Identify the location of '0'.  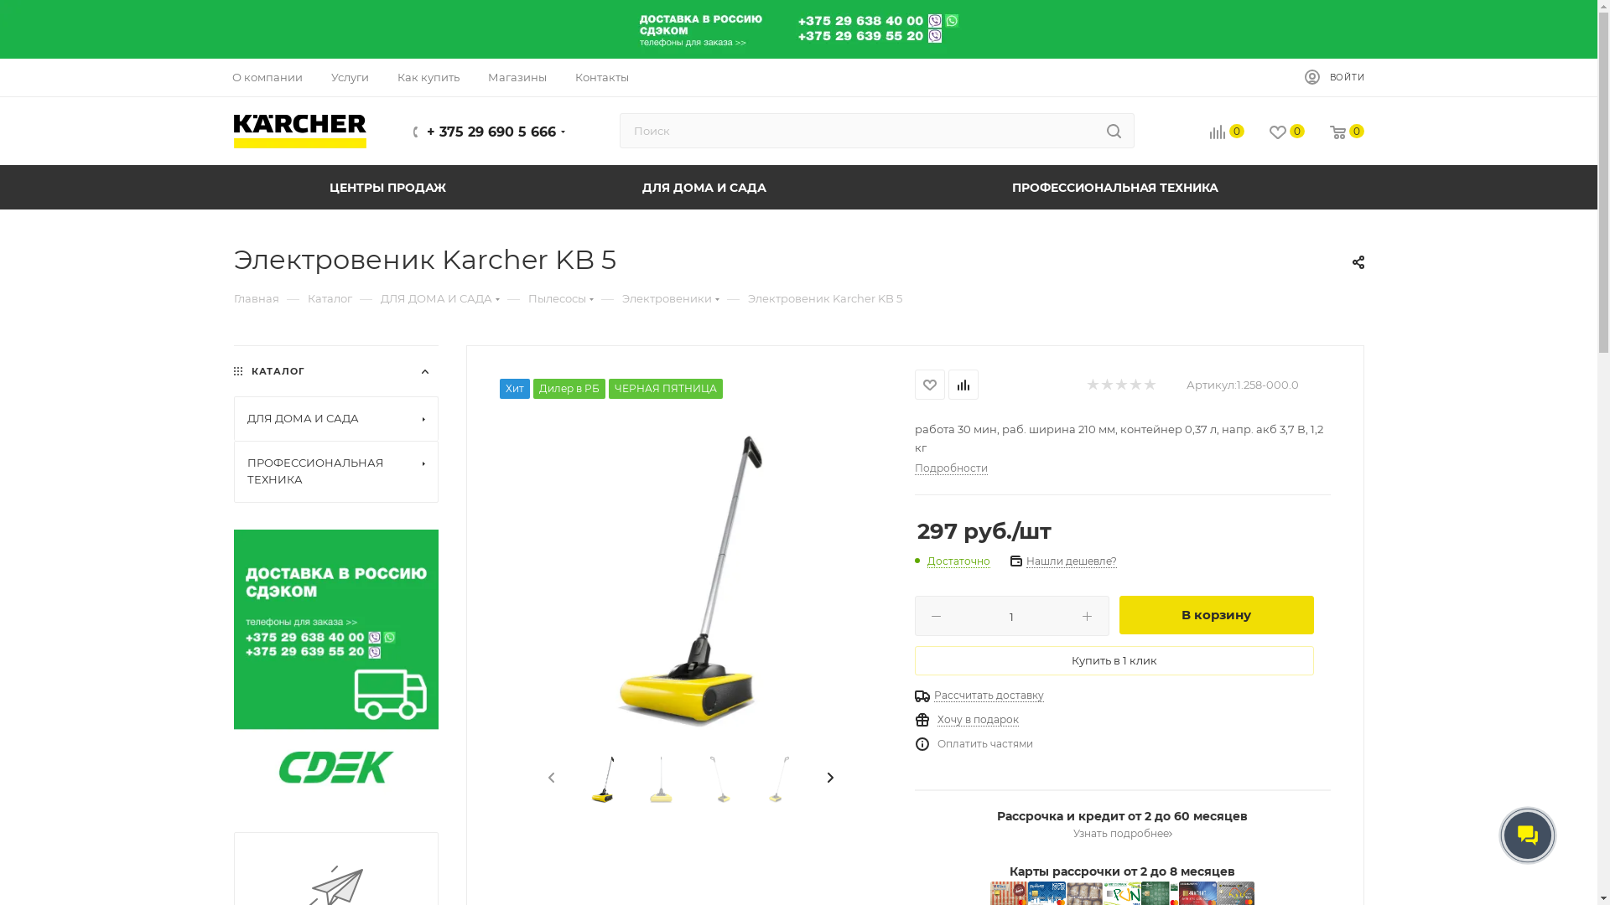
(1213, 132).